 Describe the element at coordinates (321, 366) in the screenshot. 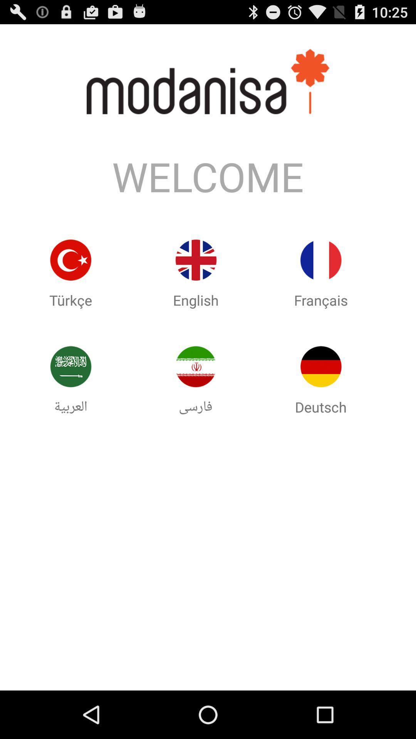

I see `choose language` at that location.